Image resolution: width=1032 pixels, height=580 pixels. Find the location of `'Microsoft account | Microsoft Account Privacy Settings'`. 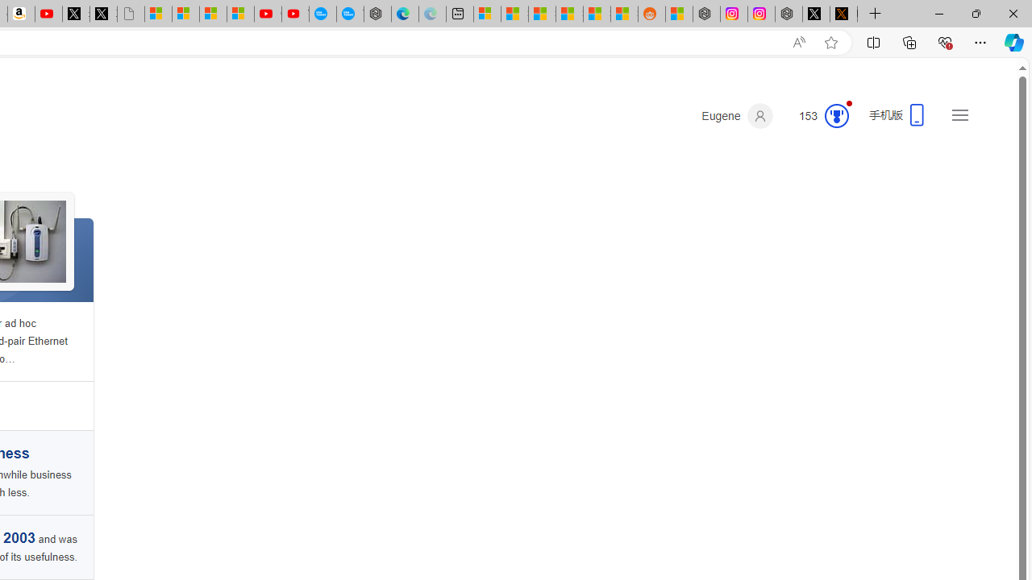

'Microsoft account | Microsoft Account Privacy Settings' is located at coordinates (486, 14).